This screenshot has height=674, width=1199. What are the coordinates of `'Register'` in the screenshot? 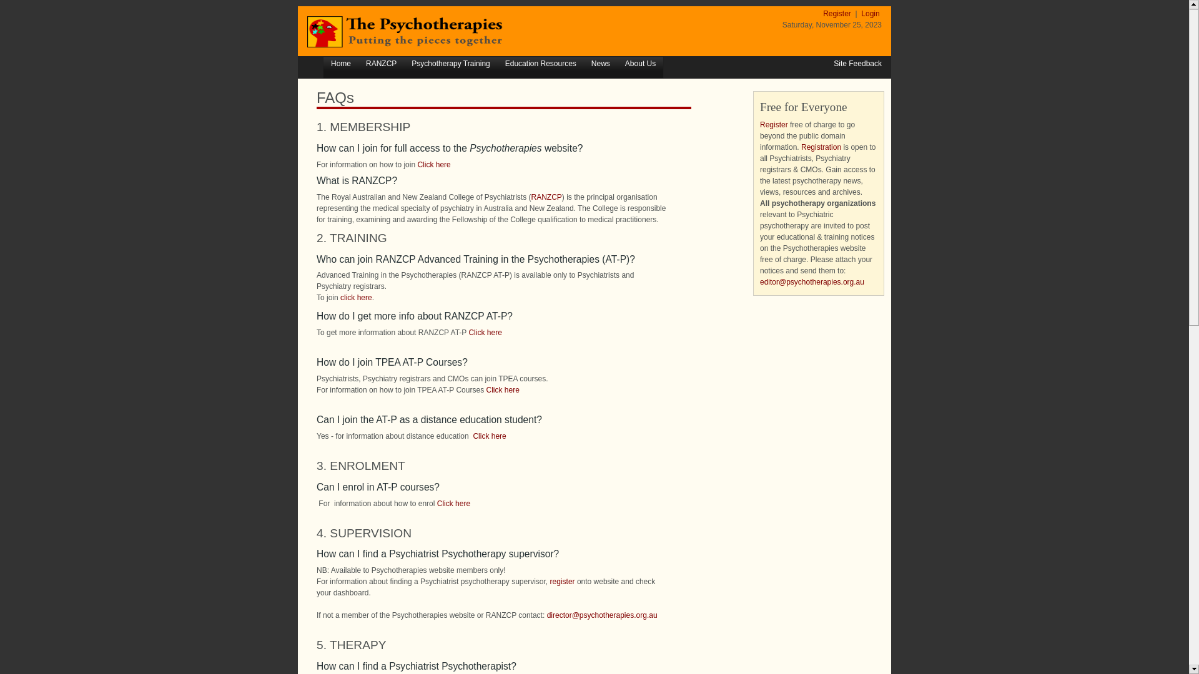 It's located at (773, 125).